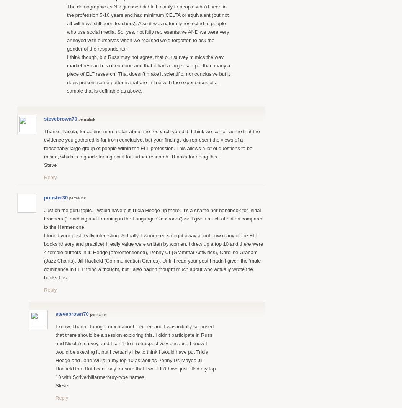 The image size is (402, 408). I want to click on 'I know, I hadn’t thought much about it either, and I was initially surprised that there should be a session exploring this. I didn’t participate in Russ and Nicola’s survey, and I can’t do it retrospectively because I know I would be skewing it, but I certainly like to think I would have put Tricia Hedge and Jane Willis in my top 10 as well as Penny Ur. Maybe Jill Hadfield too. But I can’t say for sure that I wouldn’t have just filled my top 10 with Scriverhillarmerbury-type names.', so click(135, 351).